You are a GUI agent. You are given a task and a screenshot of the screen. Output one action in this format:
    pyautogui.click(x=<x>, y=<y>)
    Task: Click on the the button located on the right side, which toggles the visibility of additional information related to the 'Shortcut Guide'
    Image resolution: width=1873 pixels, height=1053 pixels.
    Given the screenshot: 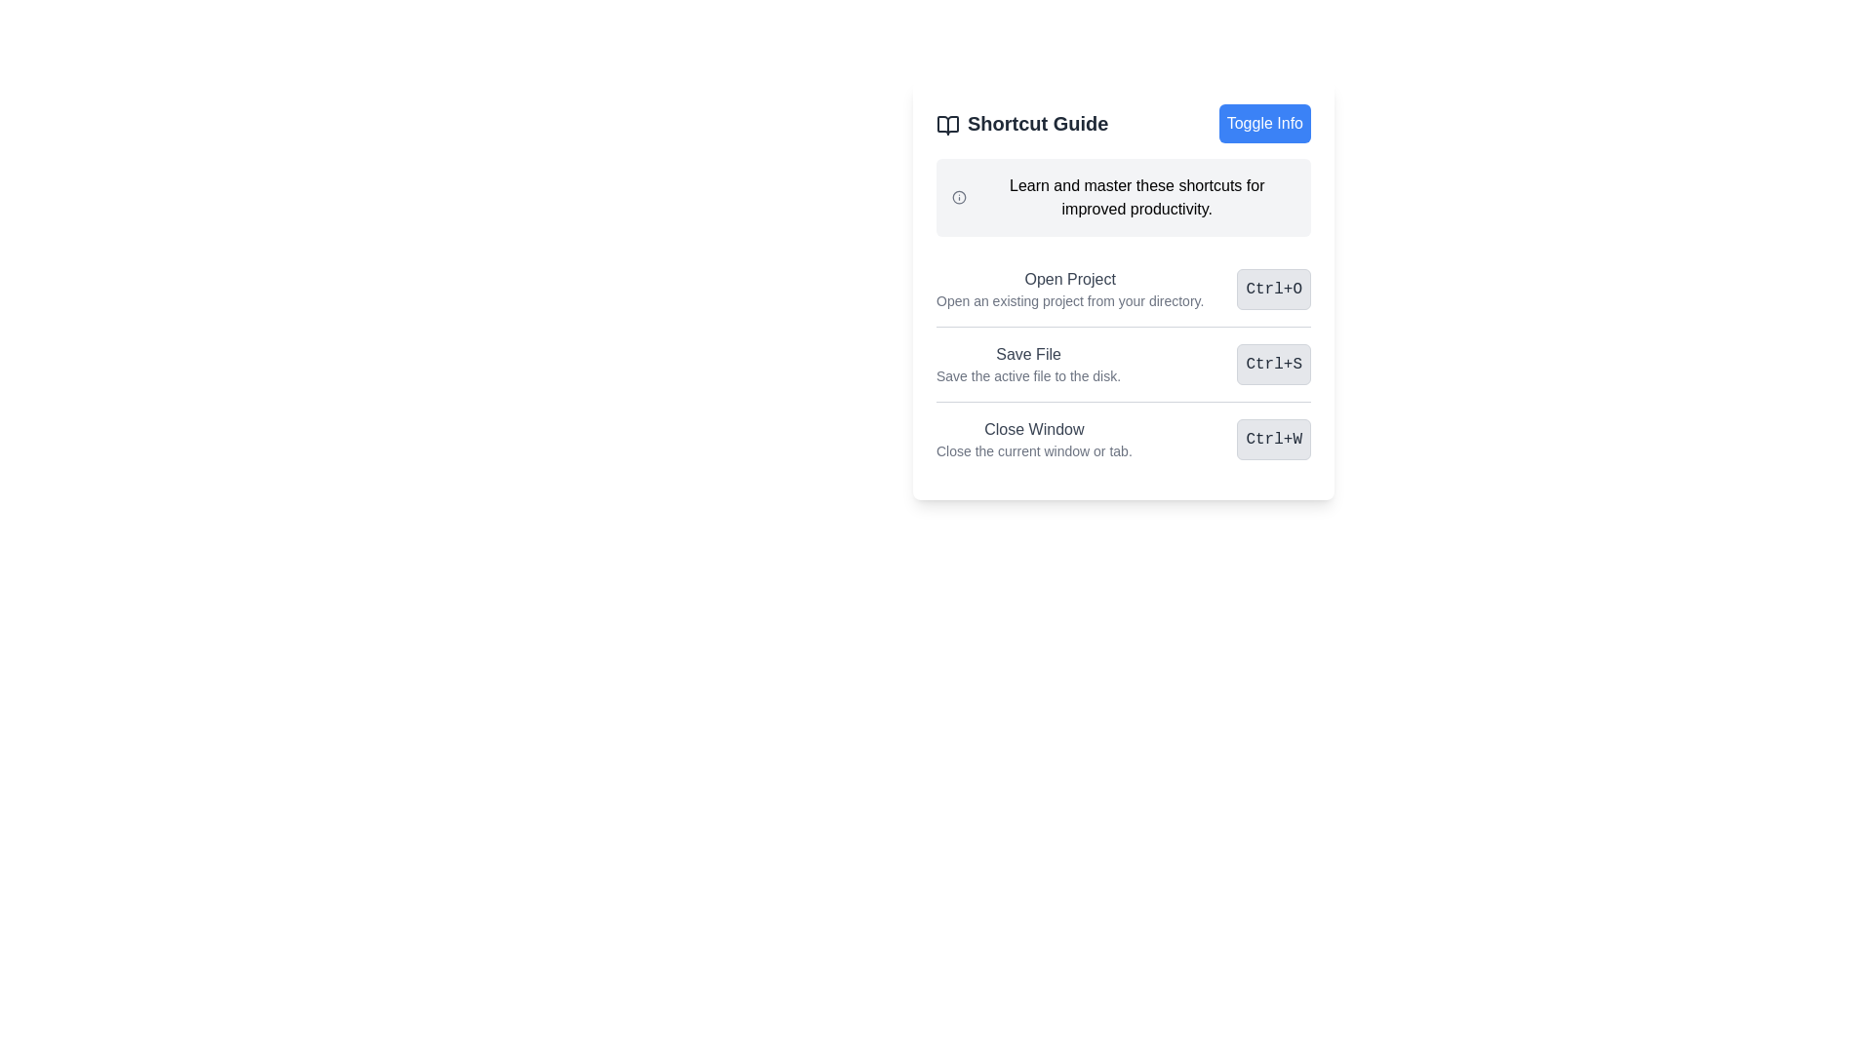 What is the action you would take?
    pyautogui.click(x=1264, y=124)
    